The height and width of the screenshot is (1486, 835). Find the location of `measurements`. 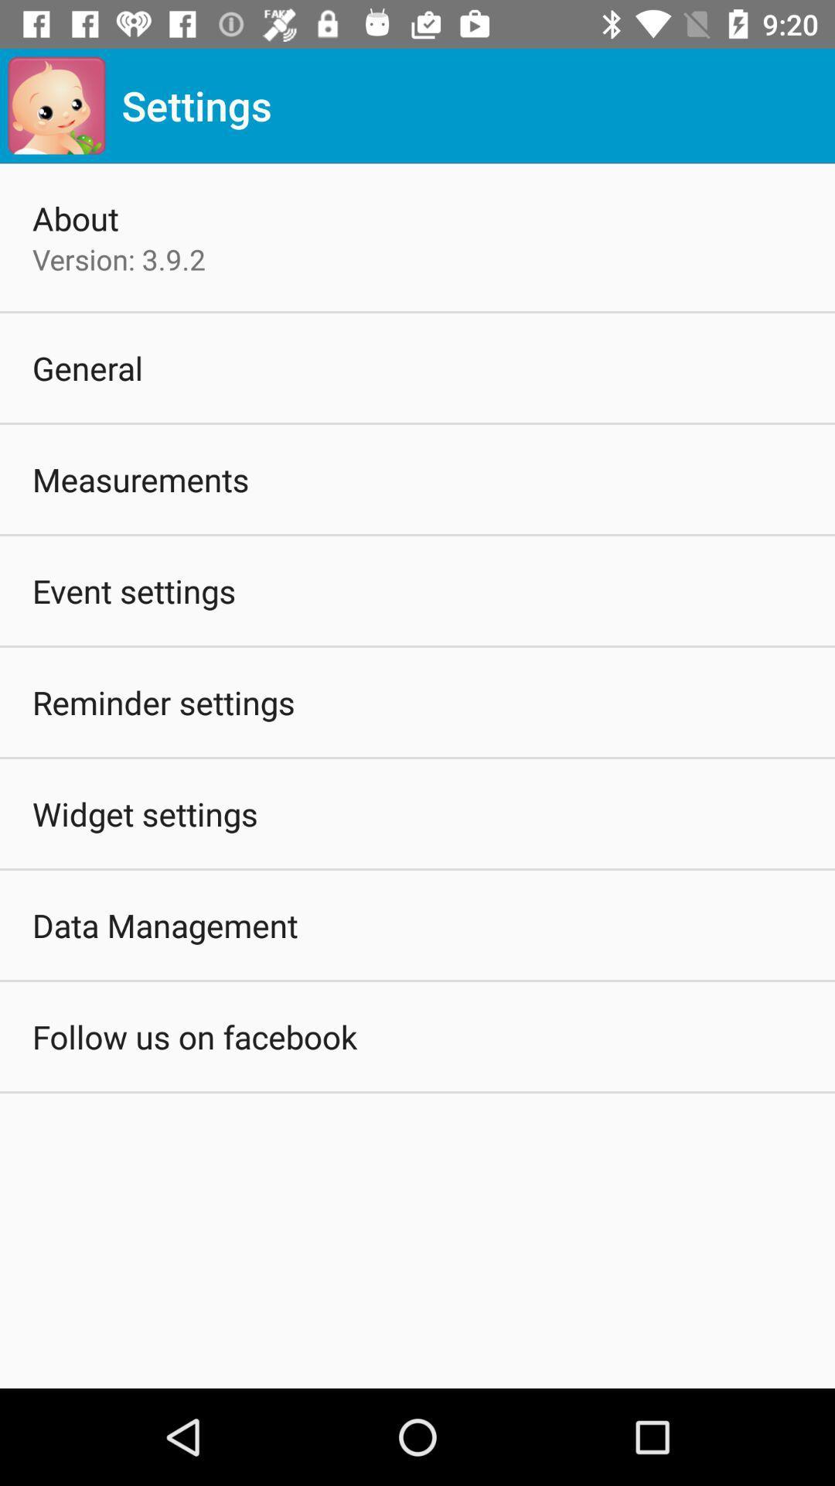

measurements is located at coordinates (141, 478).